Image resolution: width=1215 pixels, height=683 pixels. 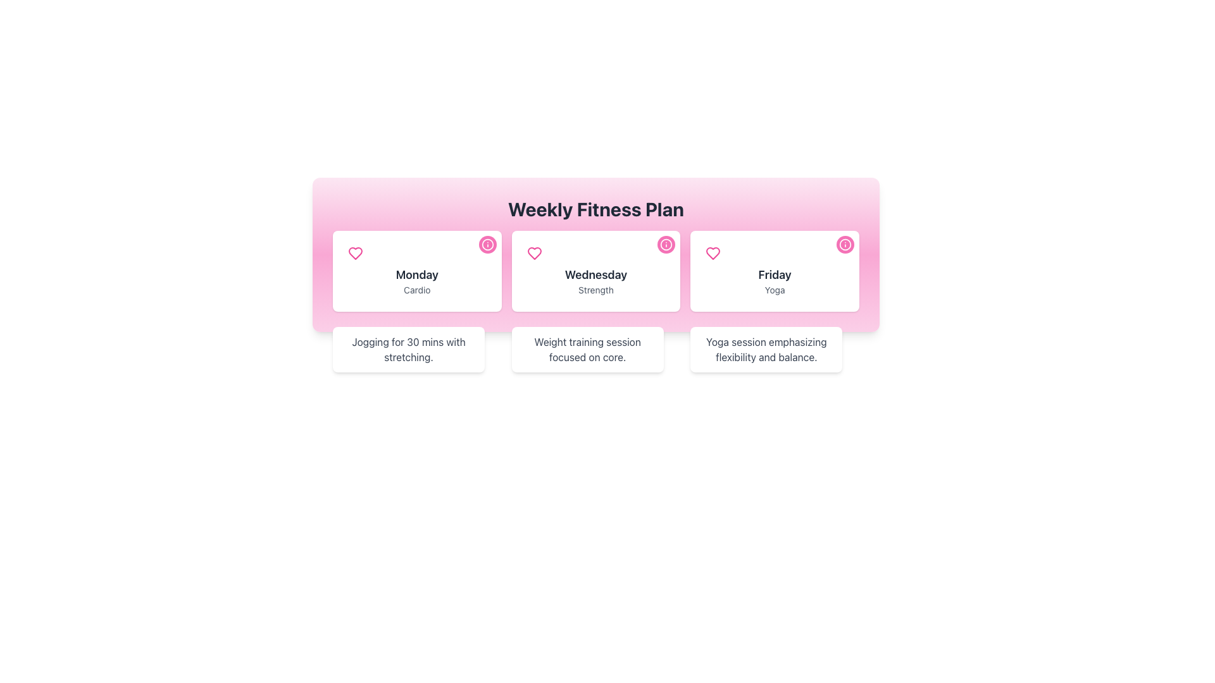 What do you see at coordinates (845, 244) in the screenshot?
I see `the circular hollow icon with an information symbol located at the top-right corner of the 'Friday' and 'Yoga' card` at bounding box center [845, 244].